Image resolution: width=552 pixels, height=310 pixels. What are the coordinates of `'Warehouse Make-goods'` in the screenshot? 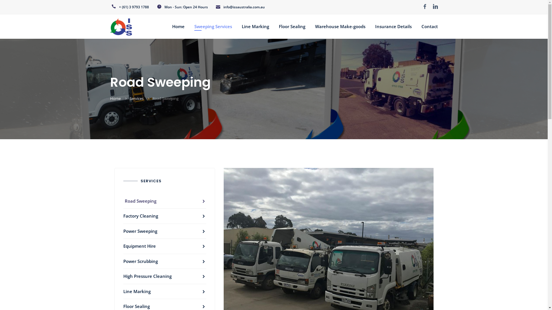 It's located at (315, 26).